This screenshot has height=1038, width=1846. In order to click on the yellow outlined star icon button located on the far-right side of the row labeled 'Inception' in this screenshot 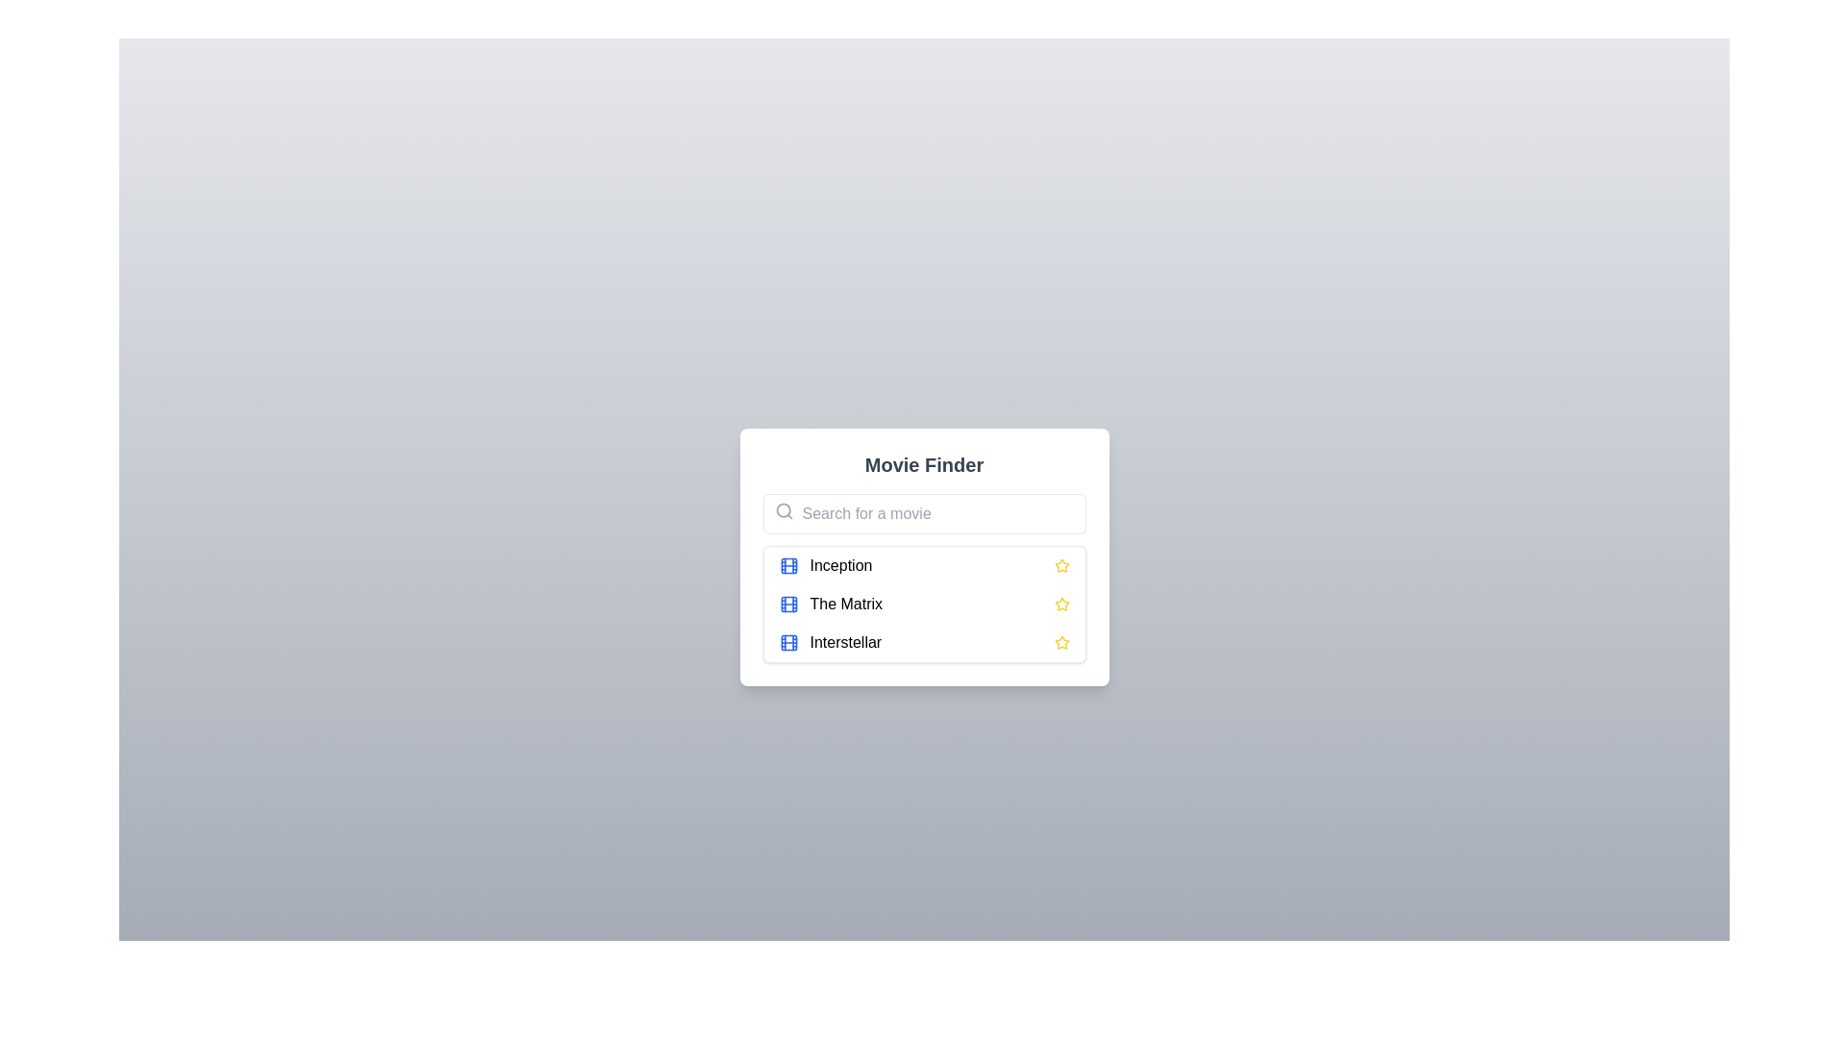, I will do `click(1060, 565)`.